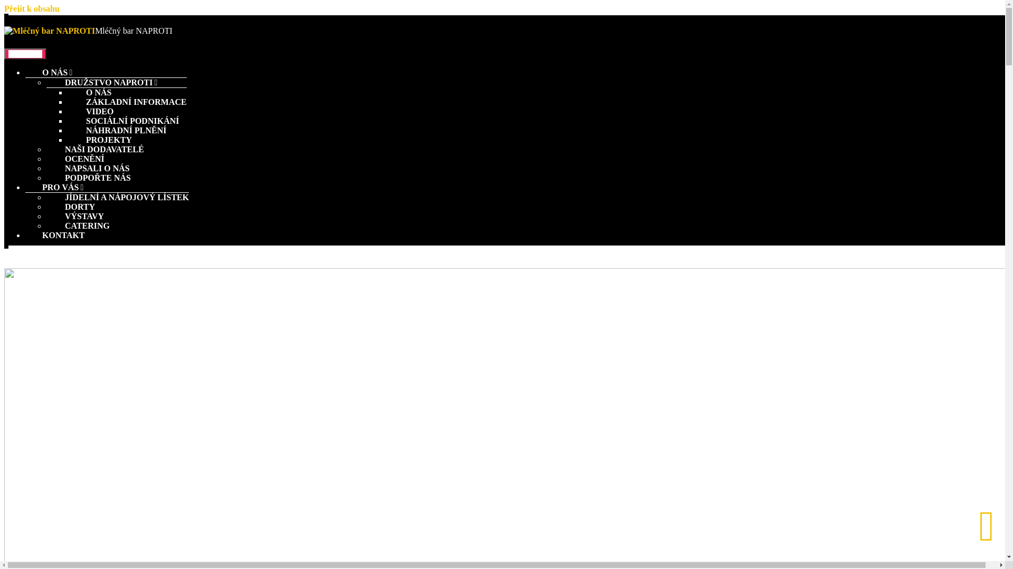 The image size is (1013, 569). Describe the element at coordinates (99, 127) in the screenshot. I see `'PROJEKTY'` at that location.